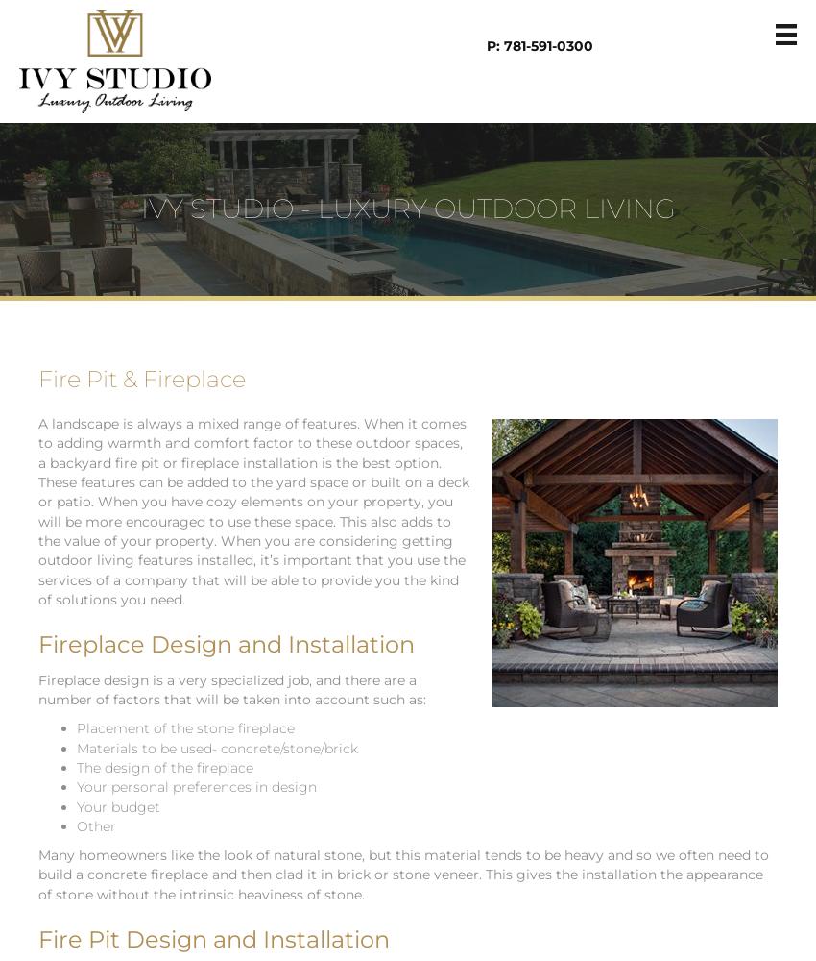  I want to click on 'Placement of the stone fireplace', so click(184, 728).